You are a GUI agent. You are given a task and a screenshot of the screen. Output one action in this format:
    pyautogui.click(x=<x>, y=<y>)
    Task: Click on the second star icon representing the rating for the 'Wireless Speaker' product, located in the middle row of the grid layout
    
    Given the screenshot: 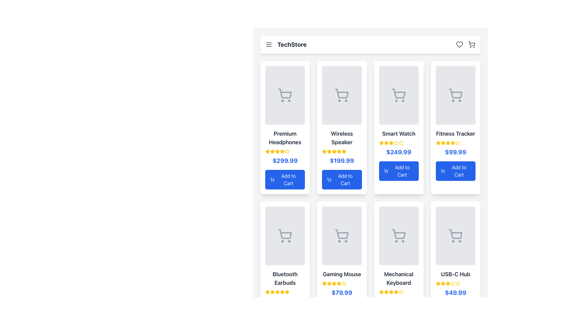 What is the action you would take?
    pyautogui.click(x=329, y=151)
    